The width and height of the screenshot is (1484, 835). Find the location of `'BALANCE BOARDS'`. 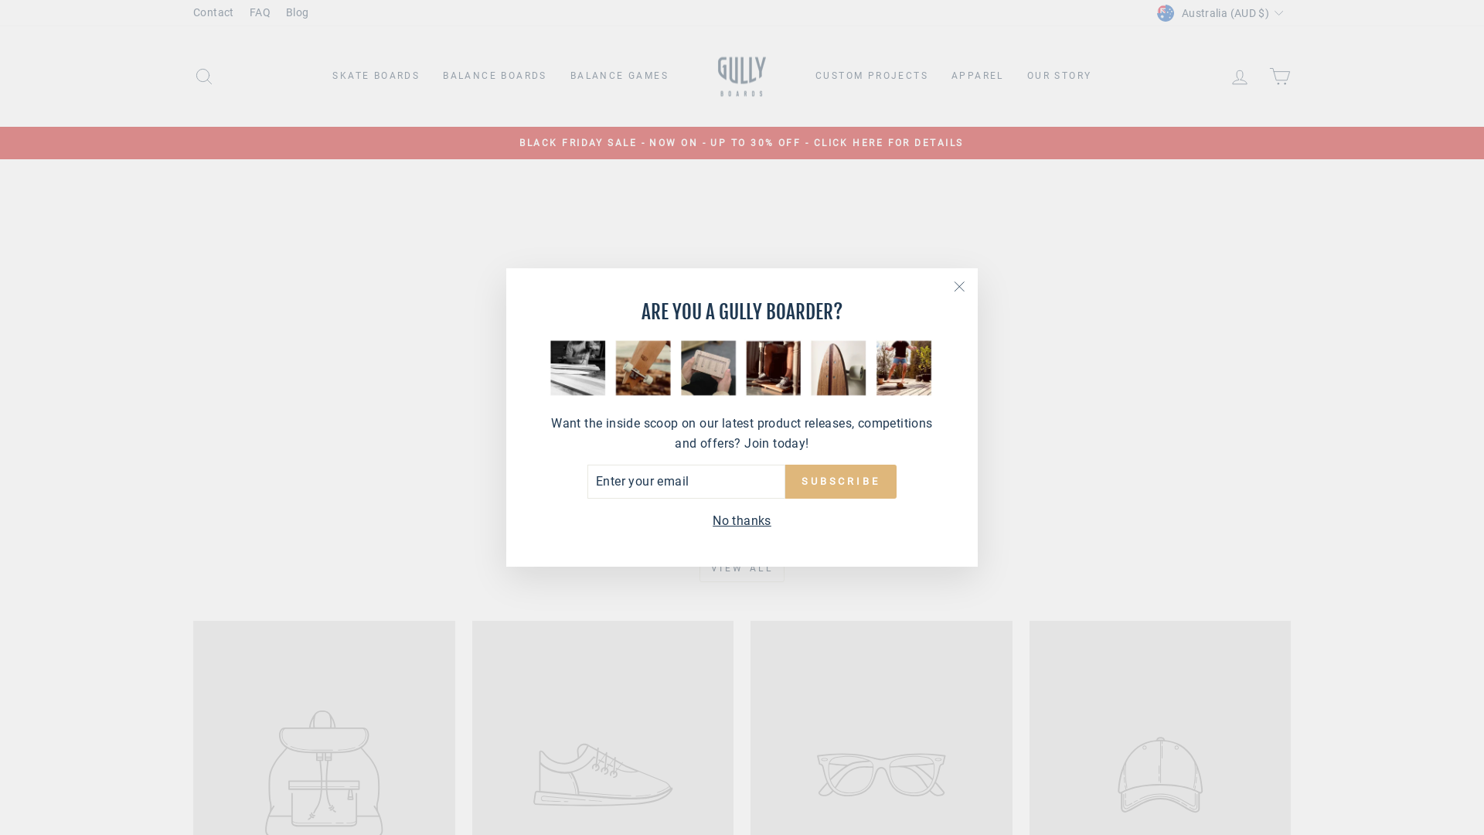

'BALANCE BOARDS' is located at coordinates (431, 77).